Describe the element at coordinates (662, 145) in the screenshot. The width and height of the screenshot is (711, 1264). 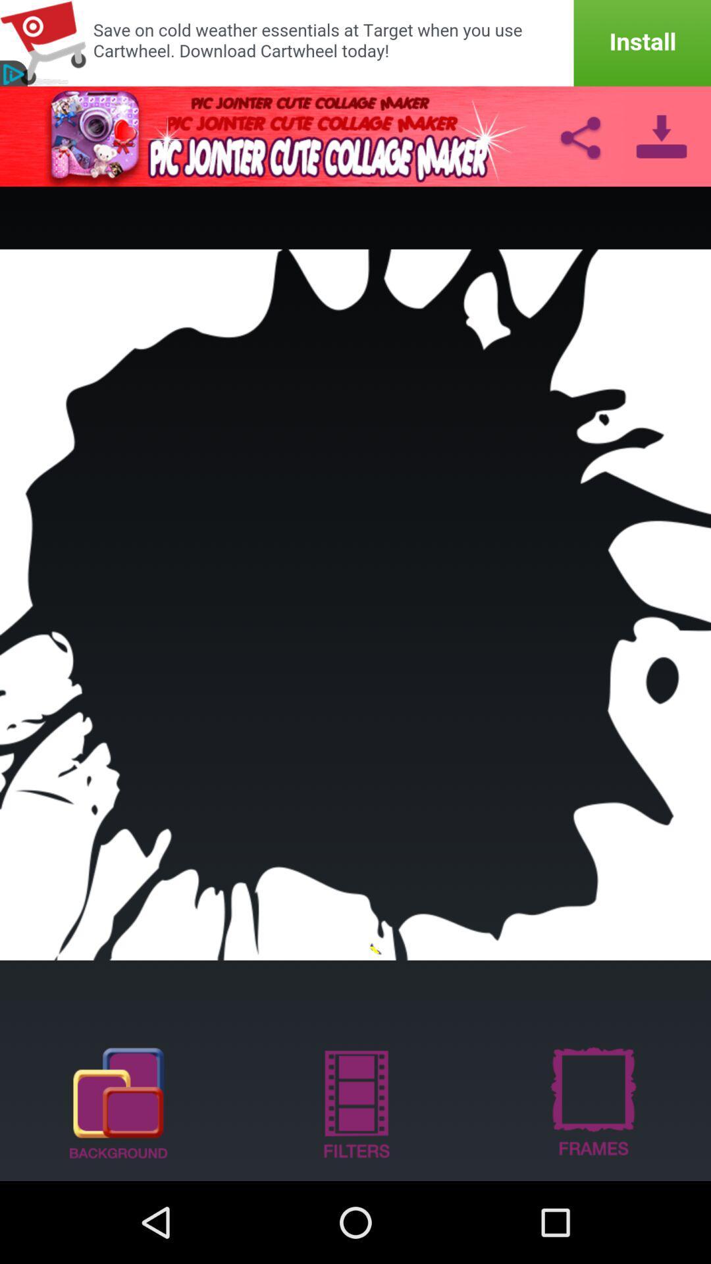
I see `the file_download icon` at that location.